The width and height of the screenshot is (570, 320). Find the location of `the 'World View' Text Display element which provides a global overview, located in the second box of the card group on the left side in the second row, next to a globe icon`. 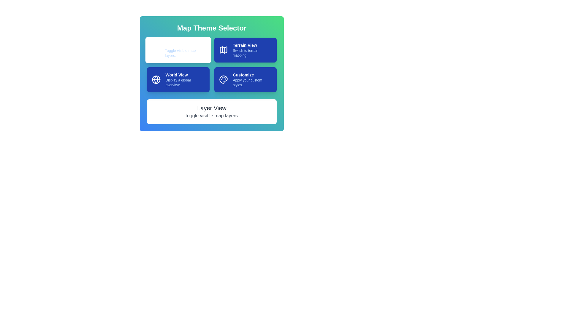

the 'World View' Text Display element which provides a global overview, located in the second box of the card group on the left side in the second row, next to a globe icon is located at coordinates (185, 79).